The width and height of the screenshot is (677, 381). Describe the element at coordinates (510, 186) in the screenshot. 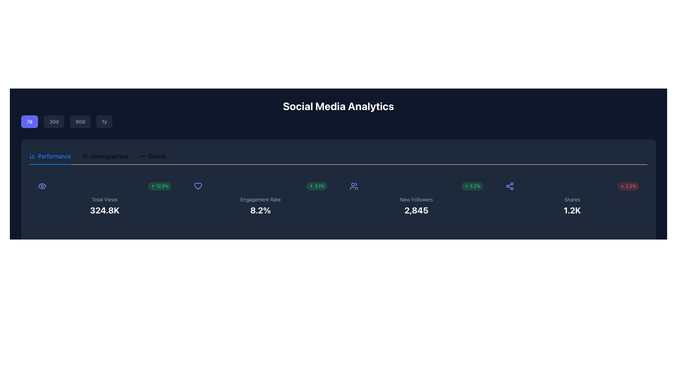

I see `the blue SVG graphic icon representing the share functionality, located in the 'Shares' section of the analytics dashboard, positioned left of the '1.2K' text and below the 'Shares' label` at that location.